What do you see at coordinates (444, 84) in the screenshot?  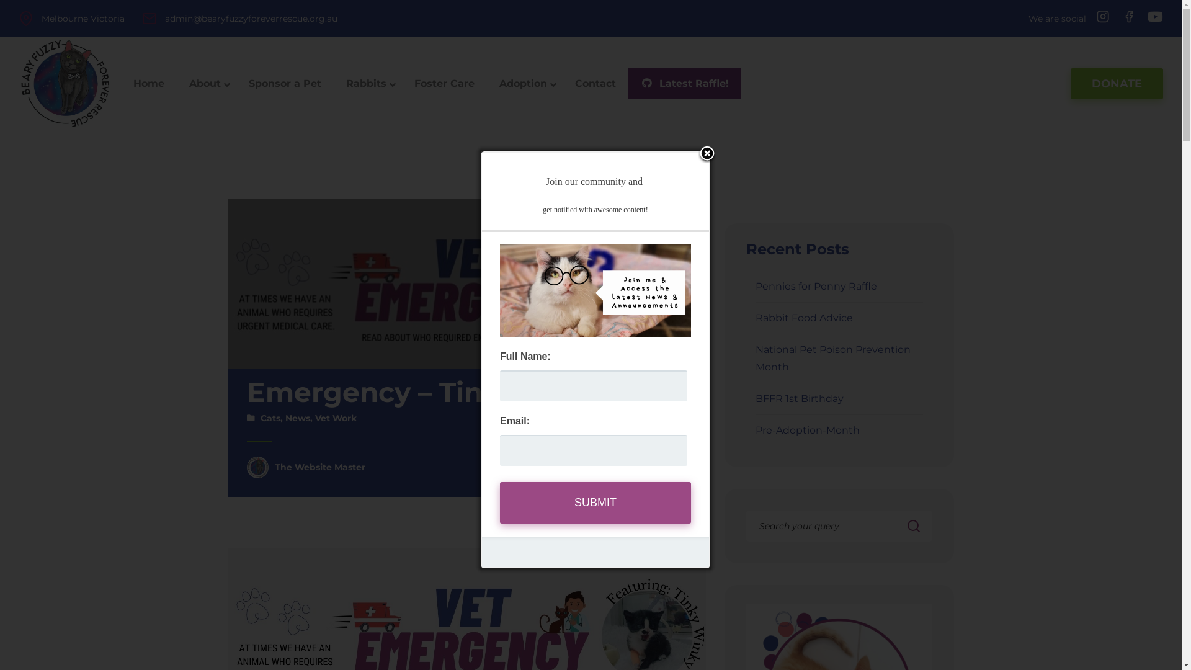 I see `'Foster Care'` at bounding box center [444, 84].